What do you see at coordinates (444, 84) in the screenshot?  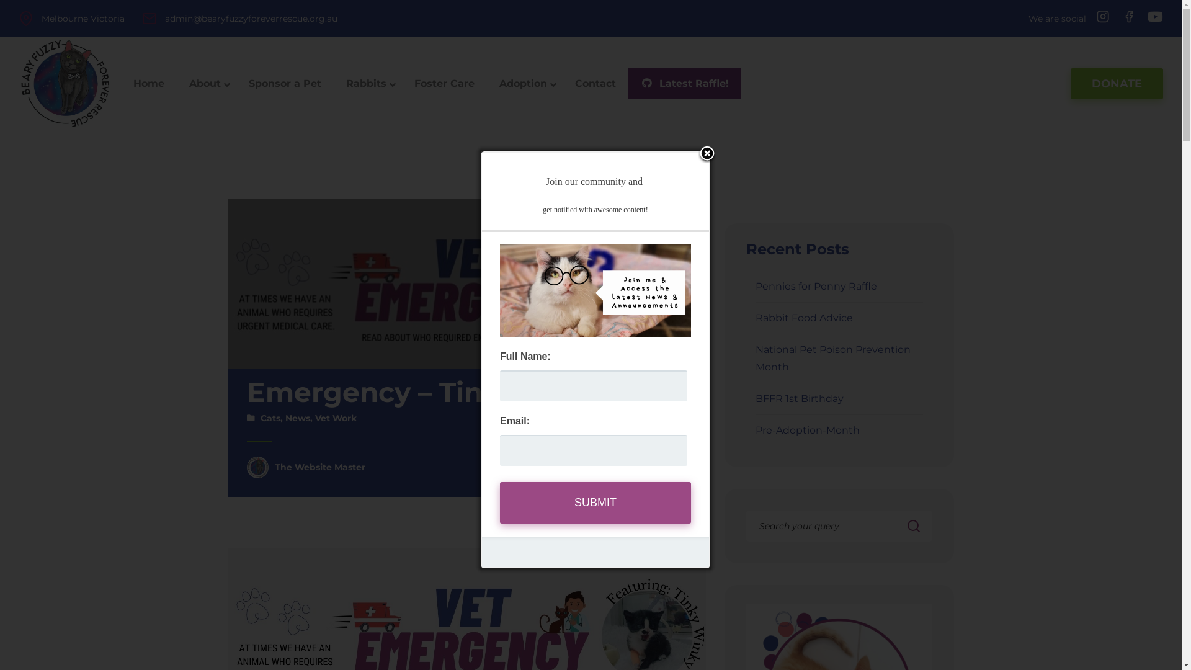 I see `'Foster Care'` at bounding box center [444, 84].